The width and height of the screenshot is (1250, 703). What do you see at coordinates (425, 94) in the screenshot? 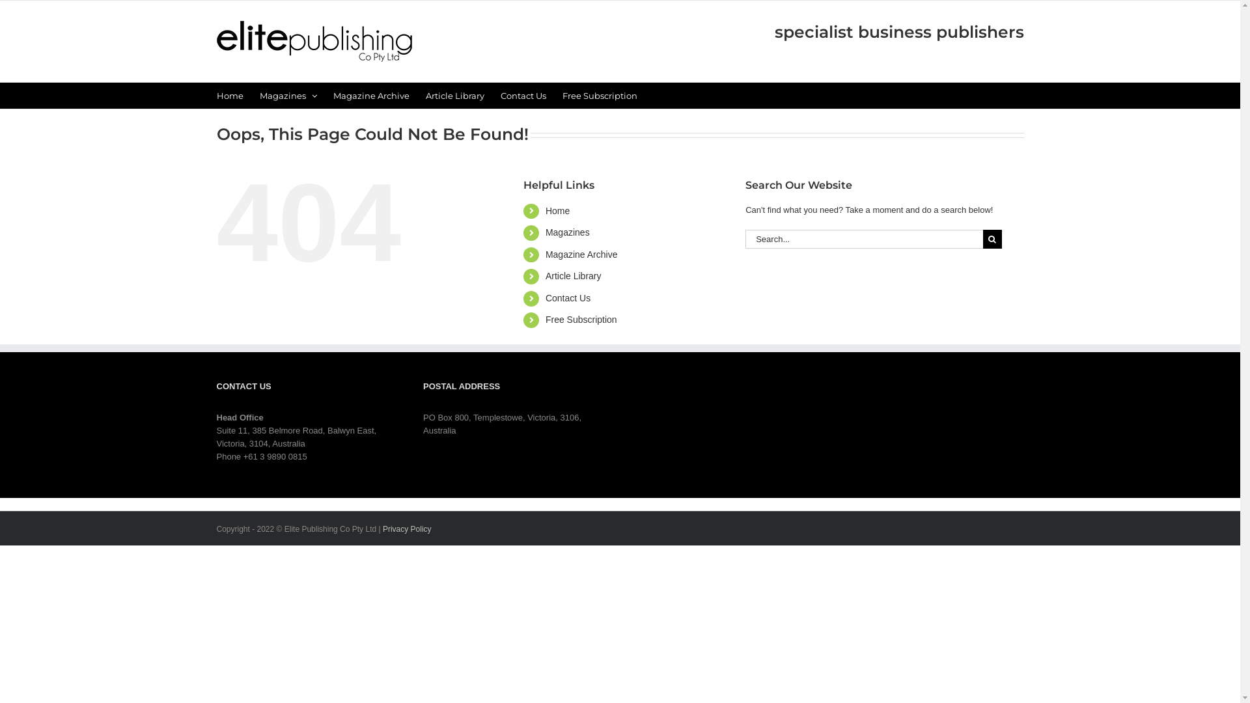
I see `'Article Library'` at bounding box center [425, 94].